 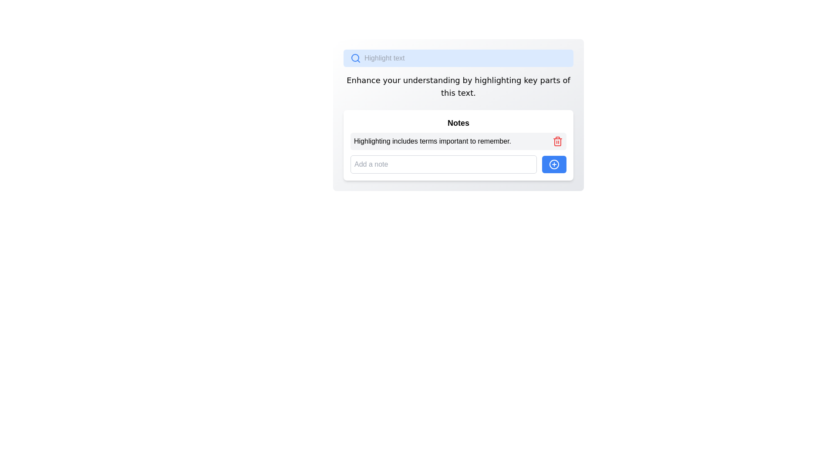 I want to click on the graphical circle element that visually indicates an action to add or create something, which is part of a 'plus in a circle' symbol, so click(x=553, y=164).